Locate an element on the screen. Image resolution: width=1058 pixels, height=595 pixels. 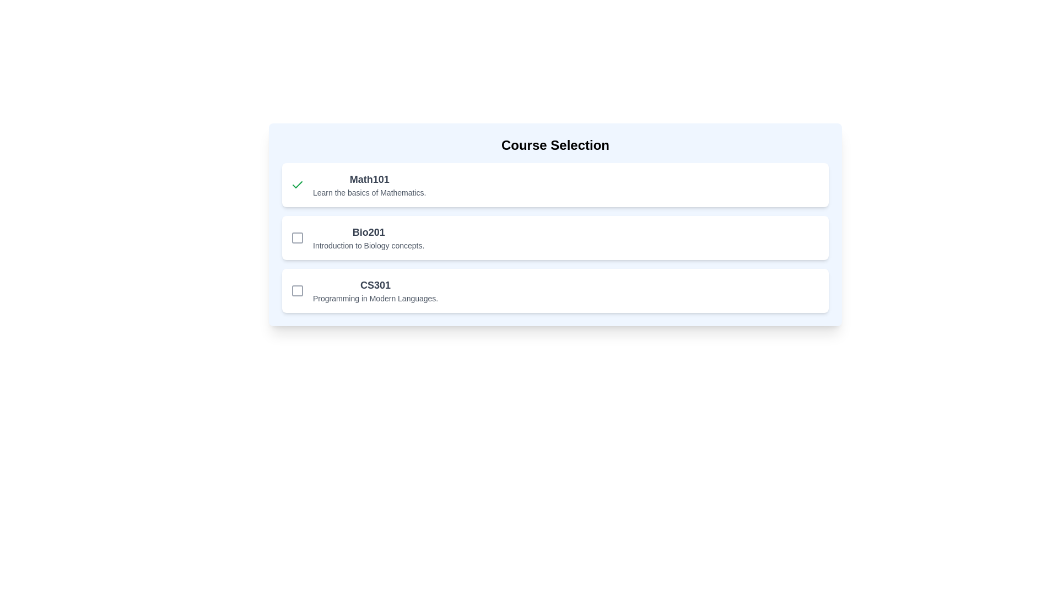
the title text that serves as the identifier for the associated course entry, located above the text 'Learn the basics of Mathematics.' and aligned to the right of a green checkmark is located at coordinates (369, 179).